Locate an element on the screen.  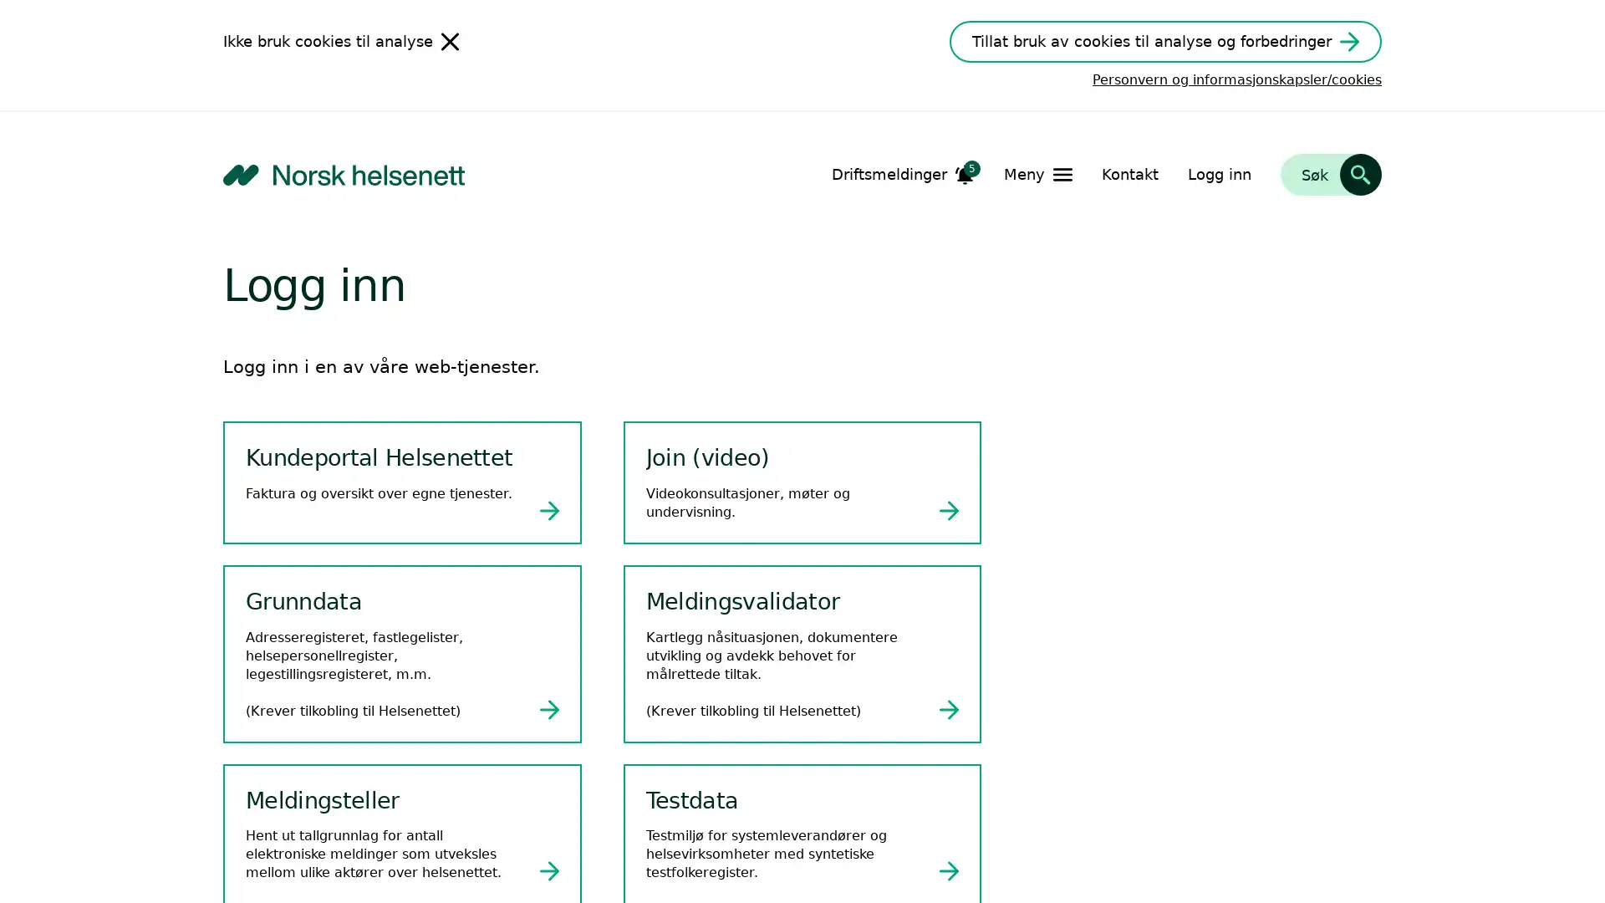
Sk is located at coordinates (1360, 174).